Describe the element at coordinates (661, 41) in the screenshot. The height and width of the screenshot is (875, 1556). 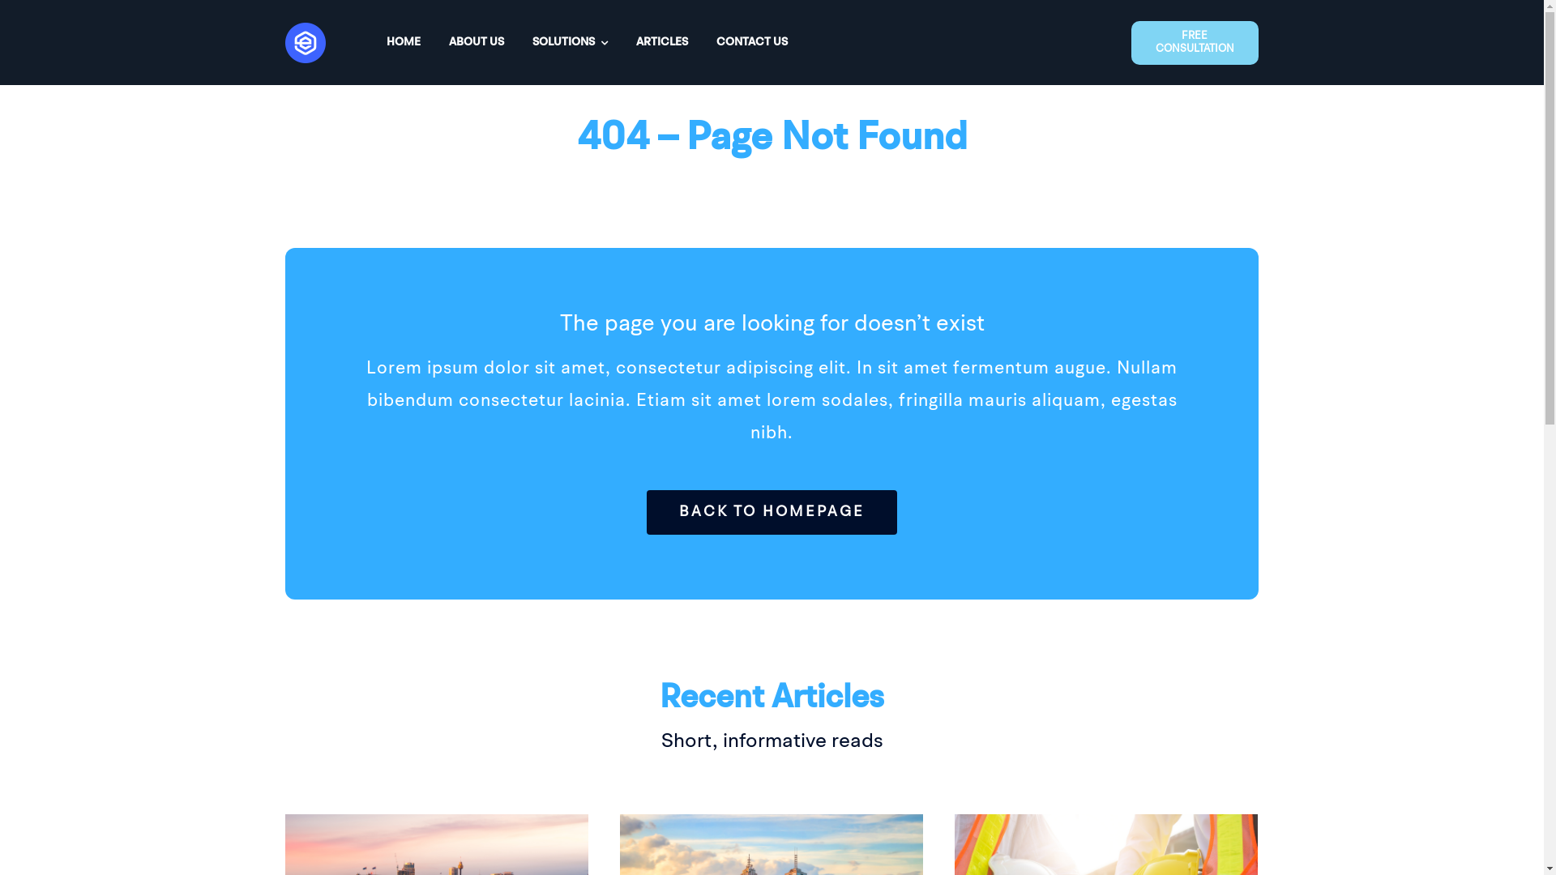
I see `'ARTICLES'` at that location.